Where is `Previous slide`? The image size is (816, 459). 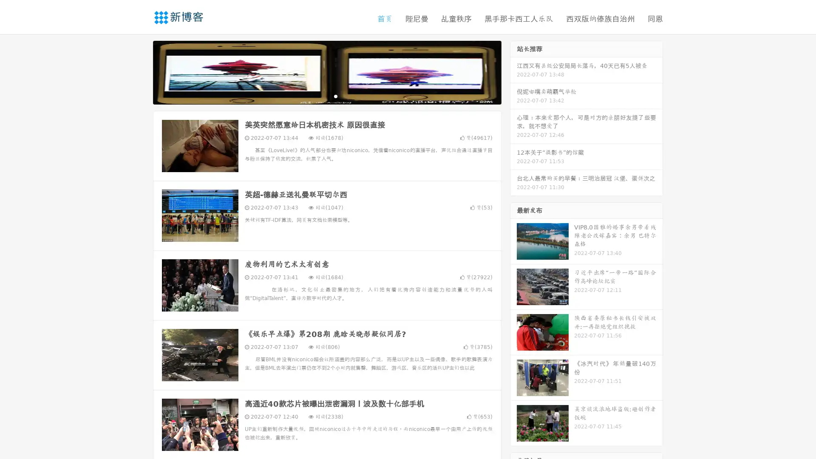
Previous slide is located at coordinates (140, 71).